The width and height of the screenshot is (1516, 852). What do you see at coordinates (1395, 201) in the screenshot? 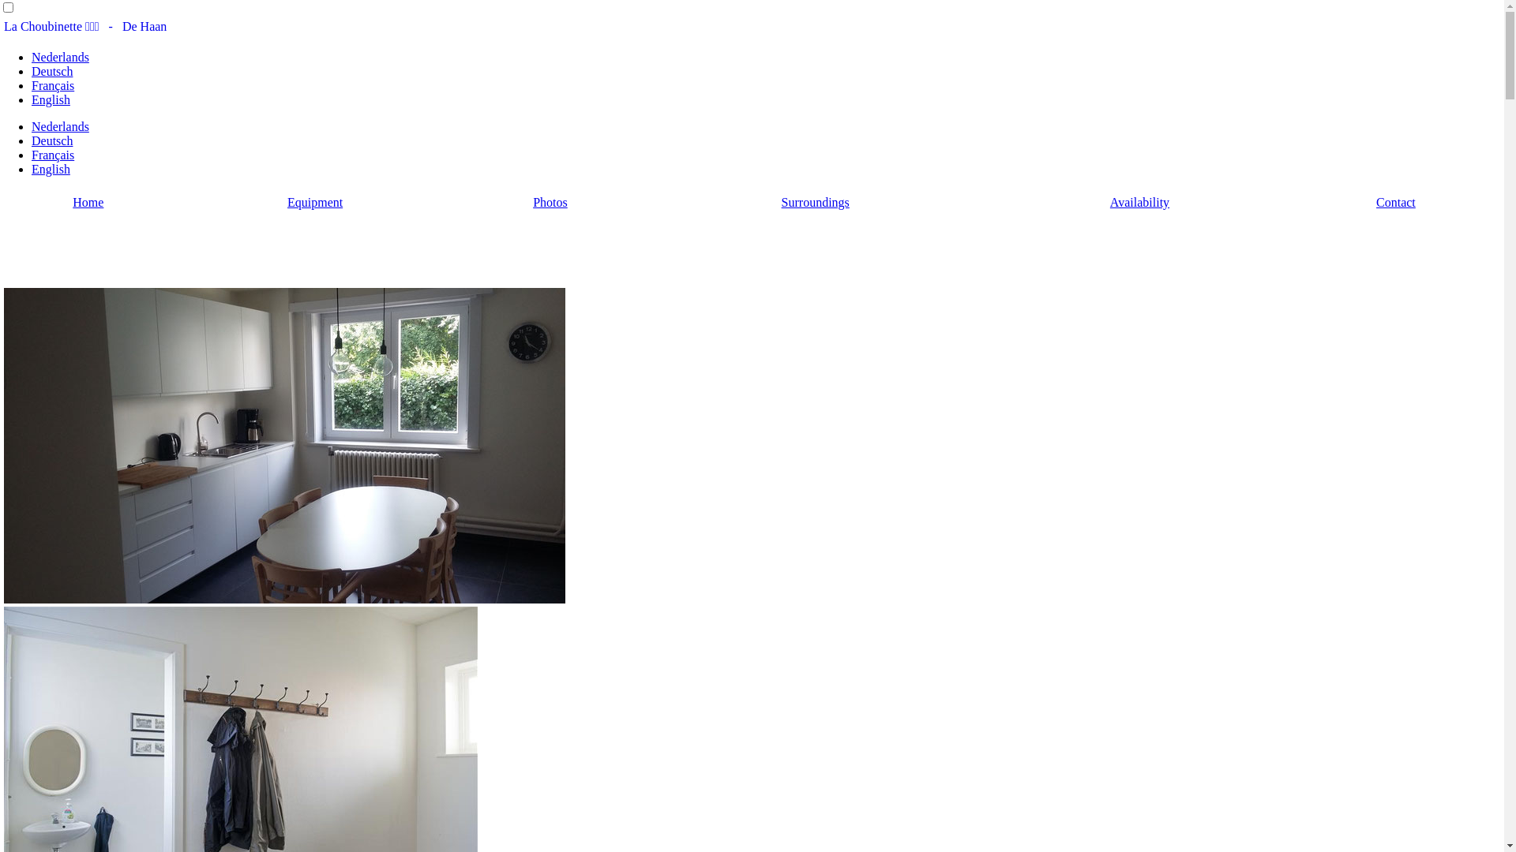
I see `'Contact'` at bounding box center [1395, 201].